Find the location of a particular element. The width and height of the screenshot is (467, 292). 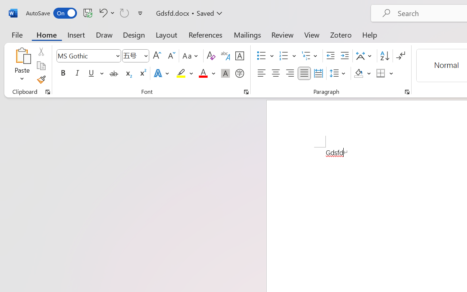

'Can' is located at coordinates (124, 12).